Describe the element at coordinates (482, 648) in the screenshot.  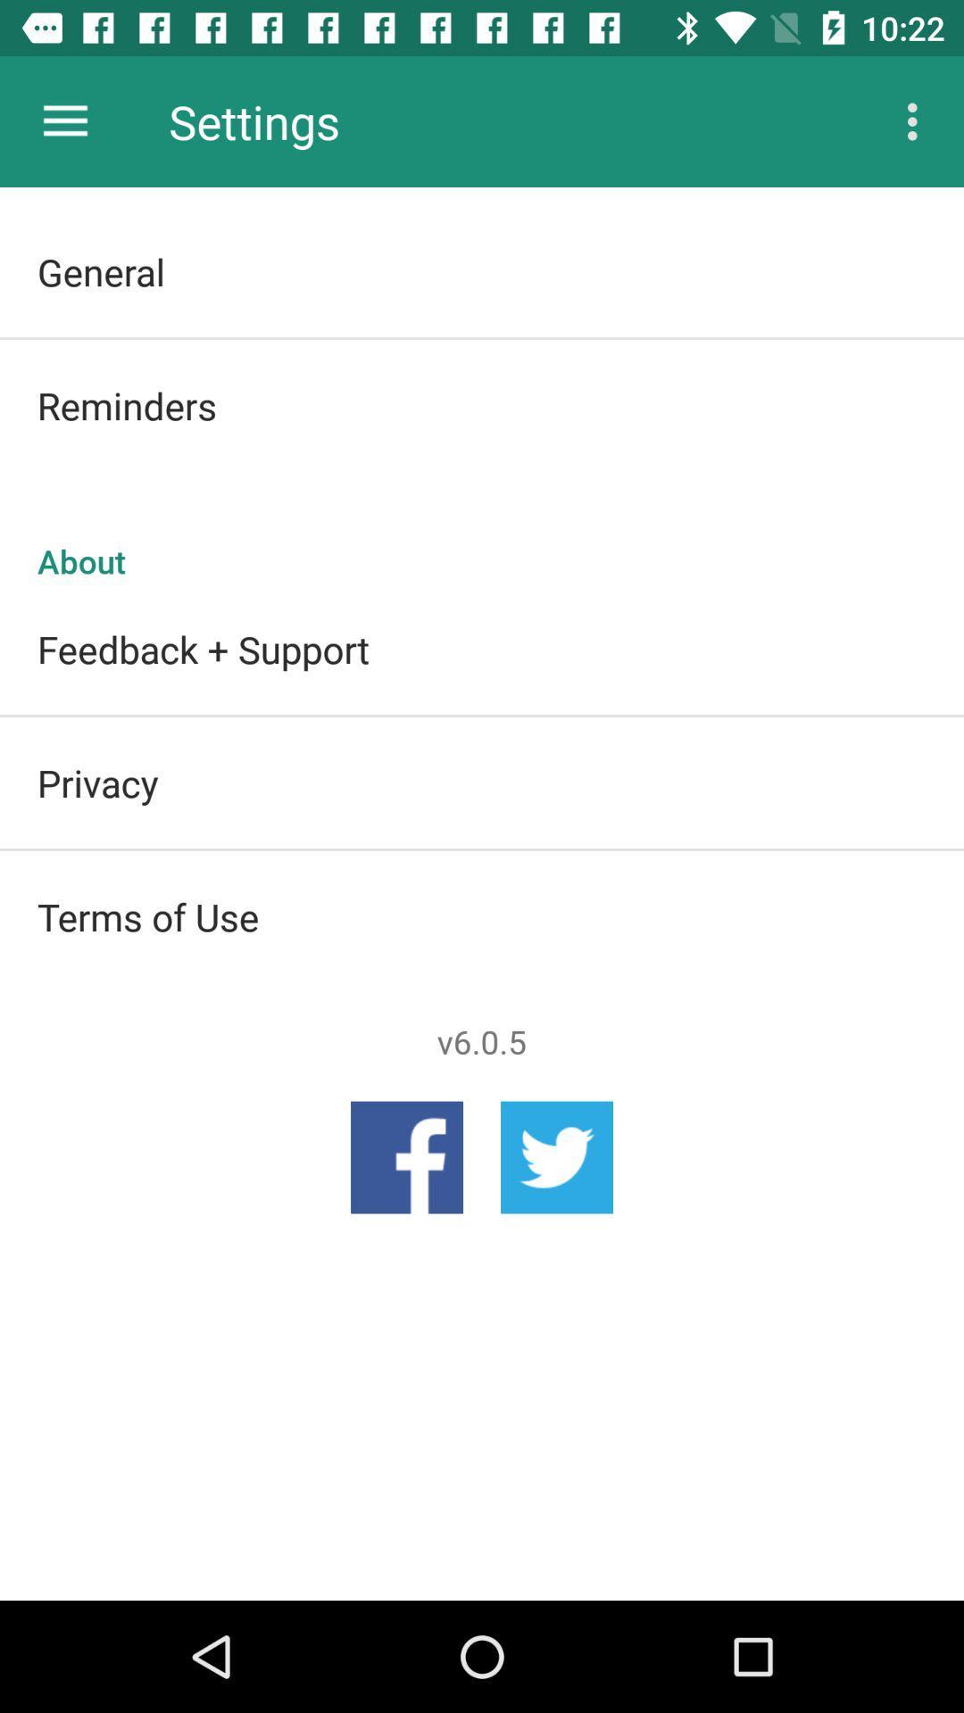
I see `feedback + support item` at that location.